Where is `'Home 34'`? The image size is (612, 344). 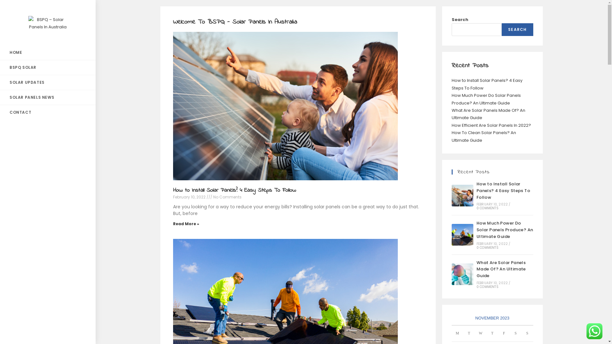
'Home 34' is located at coordinates (283, 104).